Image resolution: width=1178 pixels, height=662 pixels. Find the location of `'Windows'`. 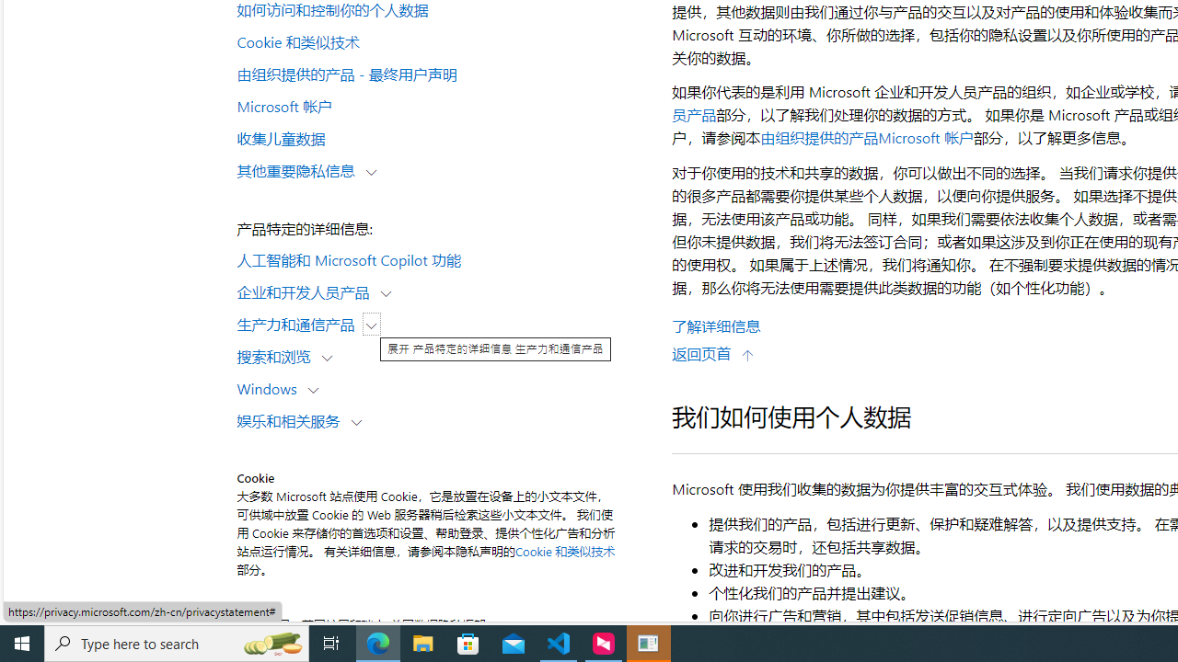

'Windows' is located at coordinates (271, 386).